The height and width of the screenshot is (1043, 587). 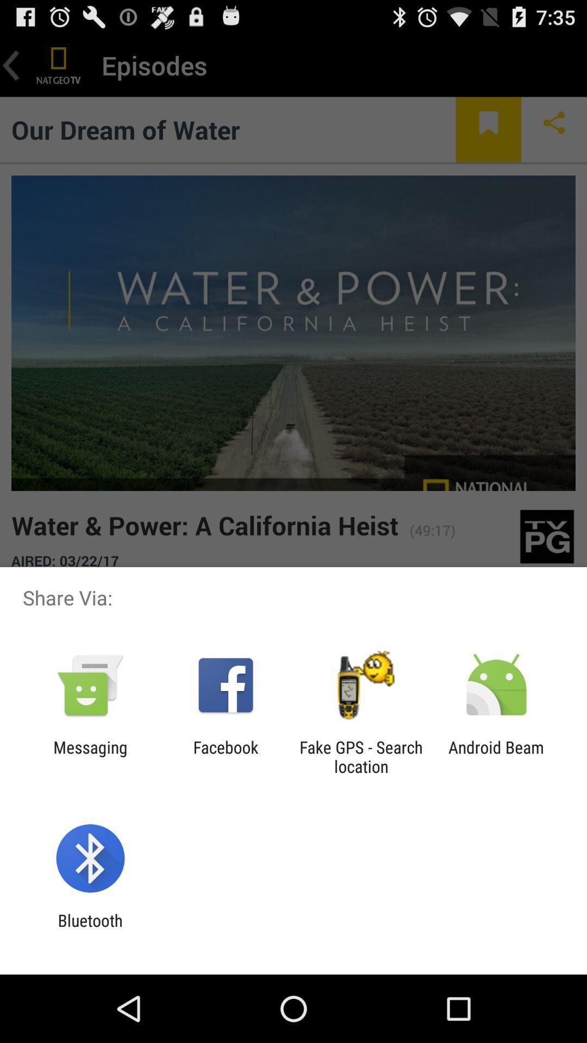 I want to click on the facebook, so click(x=225, y=756).